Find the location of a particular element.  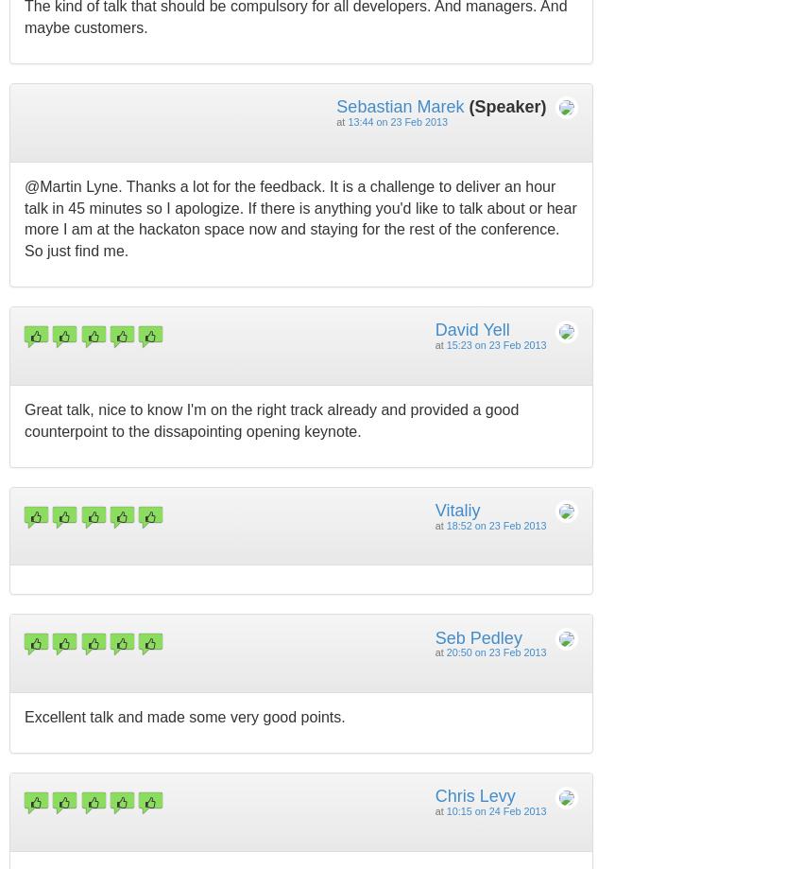

'13:44 on 23 Feb 2013' is located at coordinates (398, 121).